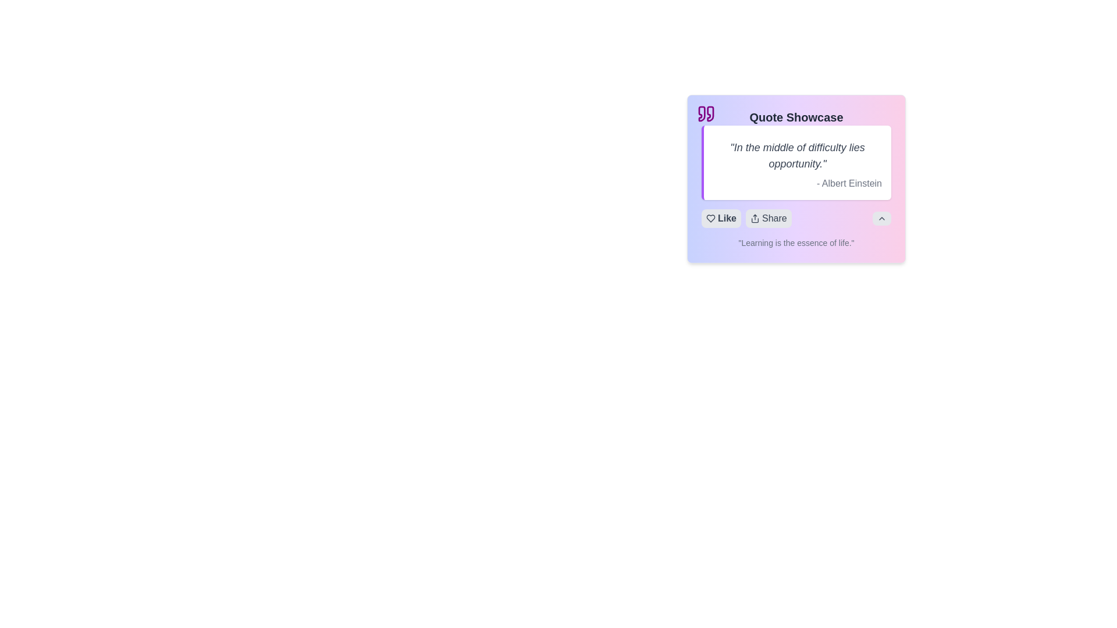 The image size is (1117, 628). I want to click on the decorative quotation icon located in the top-left corner of the card component, above the quote text and to the left of the author's name, so click(706, 114).